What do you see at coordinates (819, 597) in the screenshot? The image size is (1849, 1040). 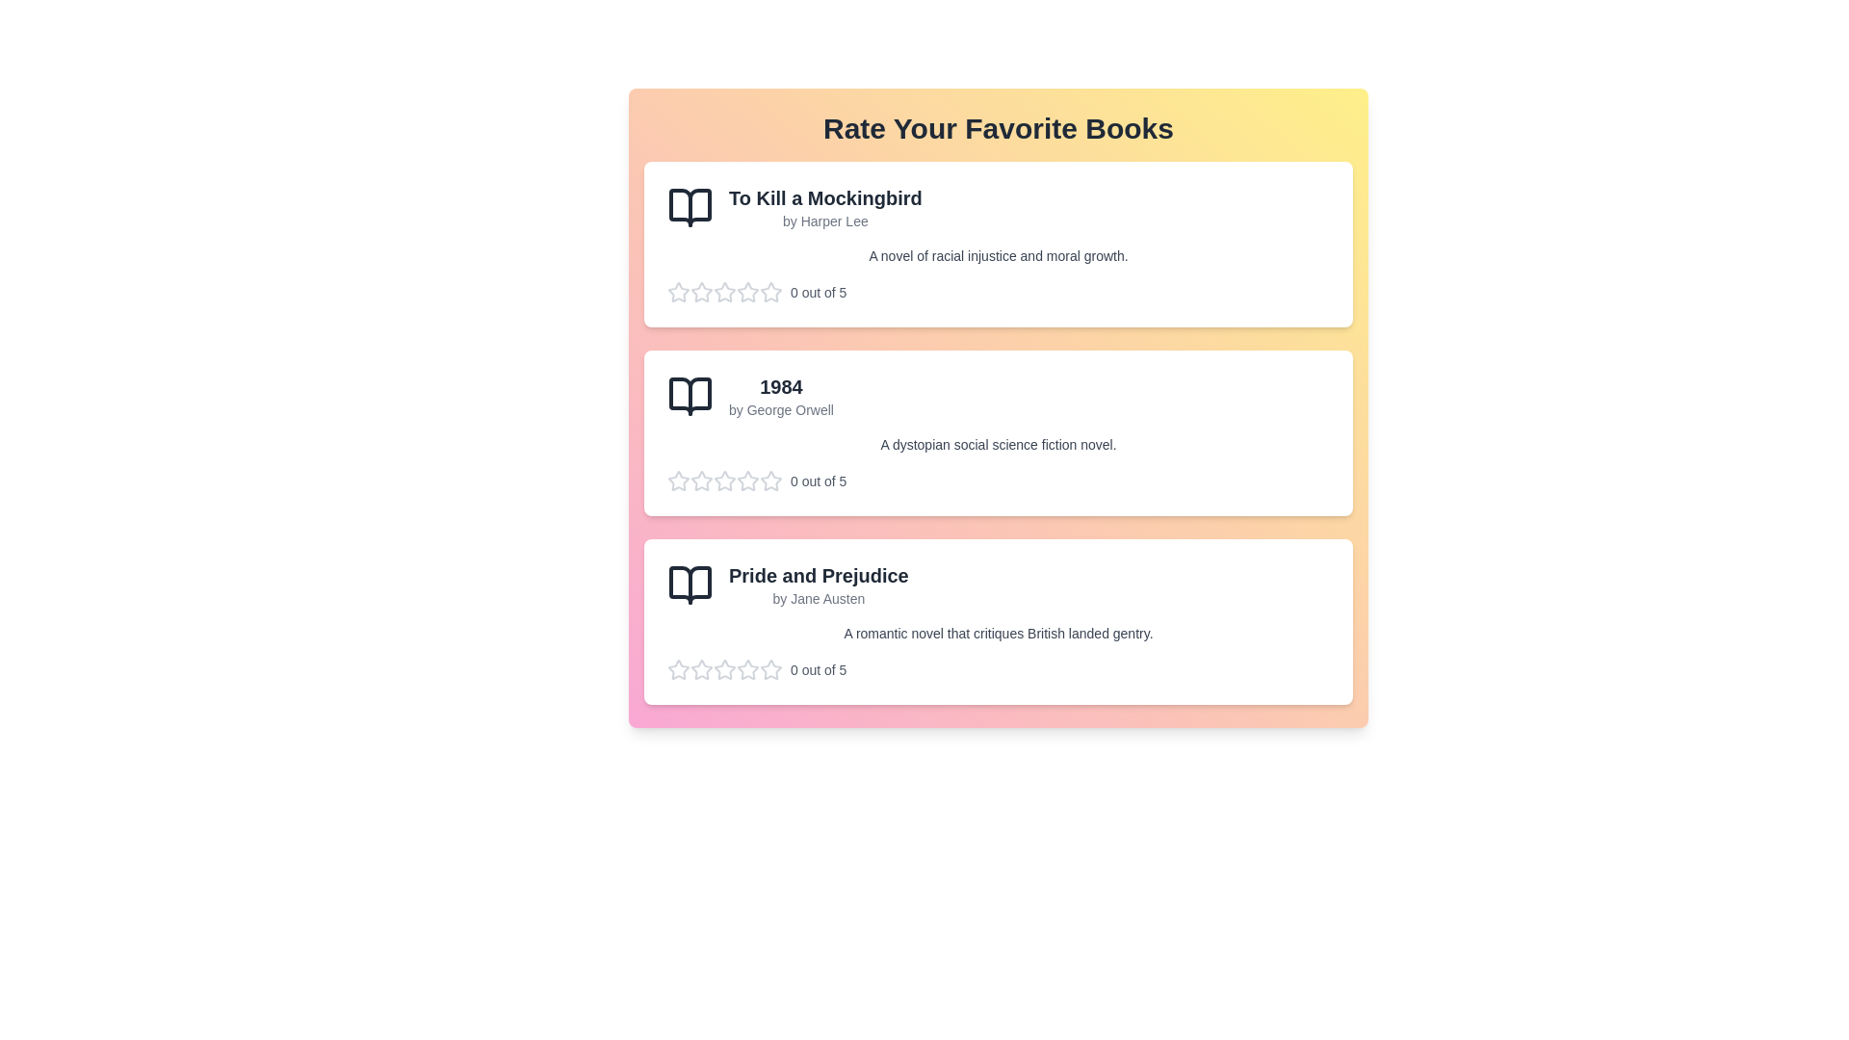 I see `the text label reading 'by Jane Austen', which is styled in small gray font and positioned directly below the title 'Pride and Prejudice'` at bounding box center [819, 597].